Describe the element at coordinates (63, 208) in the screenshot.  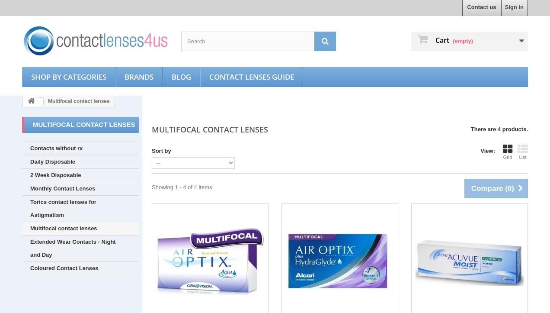
I see `'Torics contact lenses for Astigmatism'` at that location.